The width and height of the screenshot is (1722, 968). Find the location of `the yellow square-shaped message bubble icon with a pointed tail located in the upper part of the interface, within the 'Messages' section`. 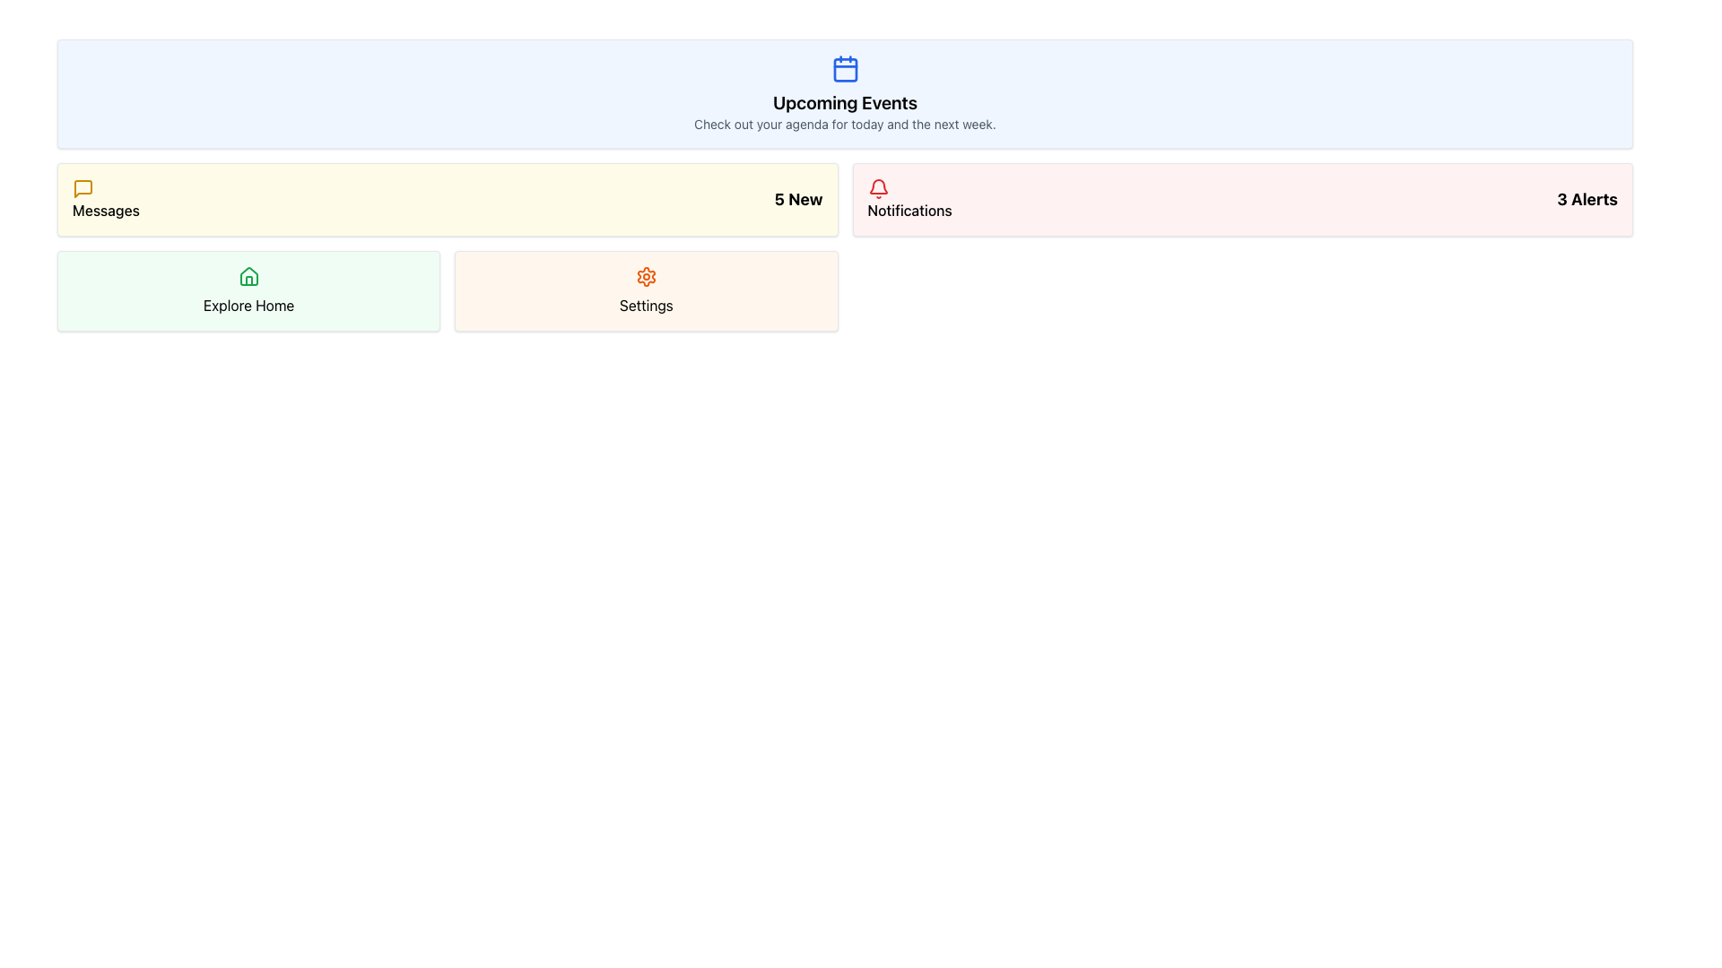

the yellow square-shaped message bubble icon with a pointed tail located in the upper part of the interface, within the 'Messages' section is located at coordinates (82, 189).